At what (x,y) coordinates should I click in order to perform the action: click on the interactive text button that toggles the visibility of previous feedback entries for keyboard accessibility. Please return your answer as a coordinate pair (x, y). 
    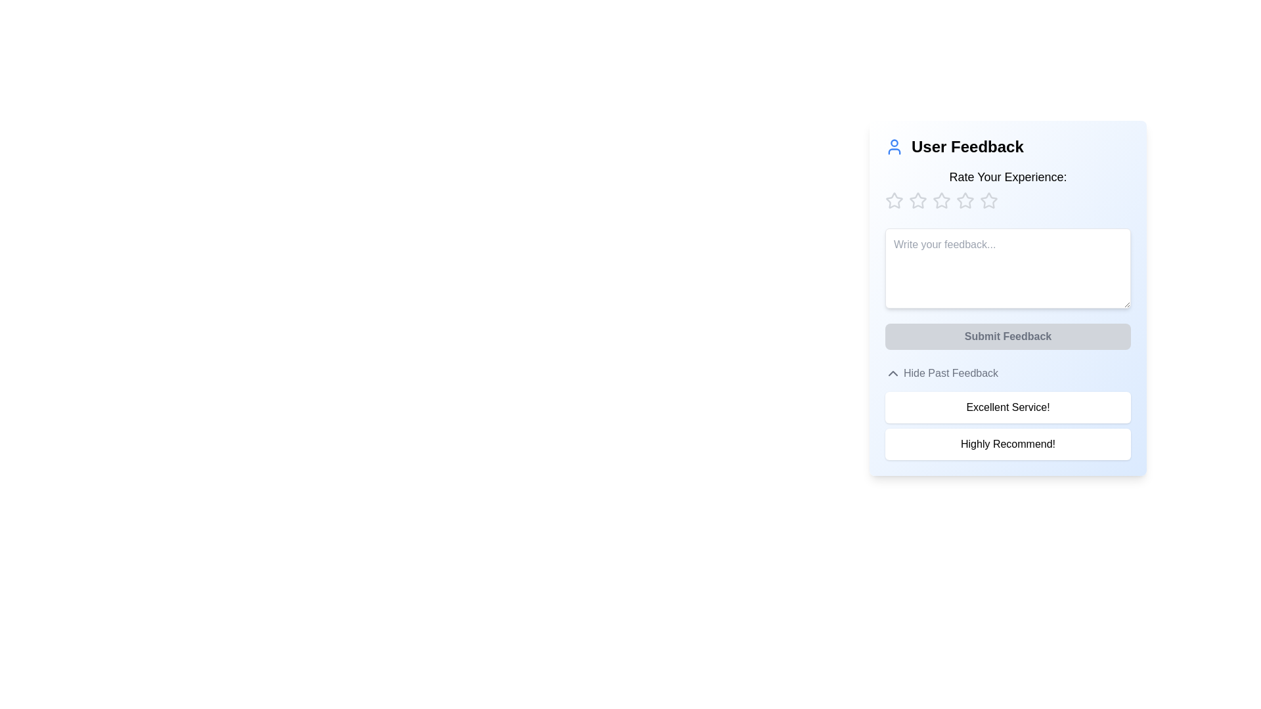
    Looking at the image, I should click on (941, 374).